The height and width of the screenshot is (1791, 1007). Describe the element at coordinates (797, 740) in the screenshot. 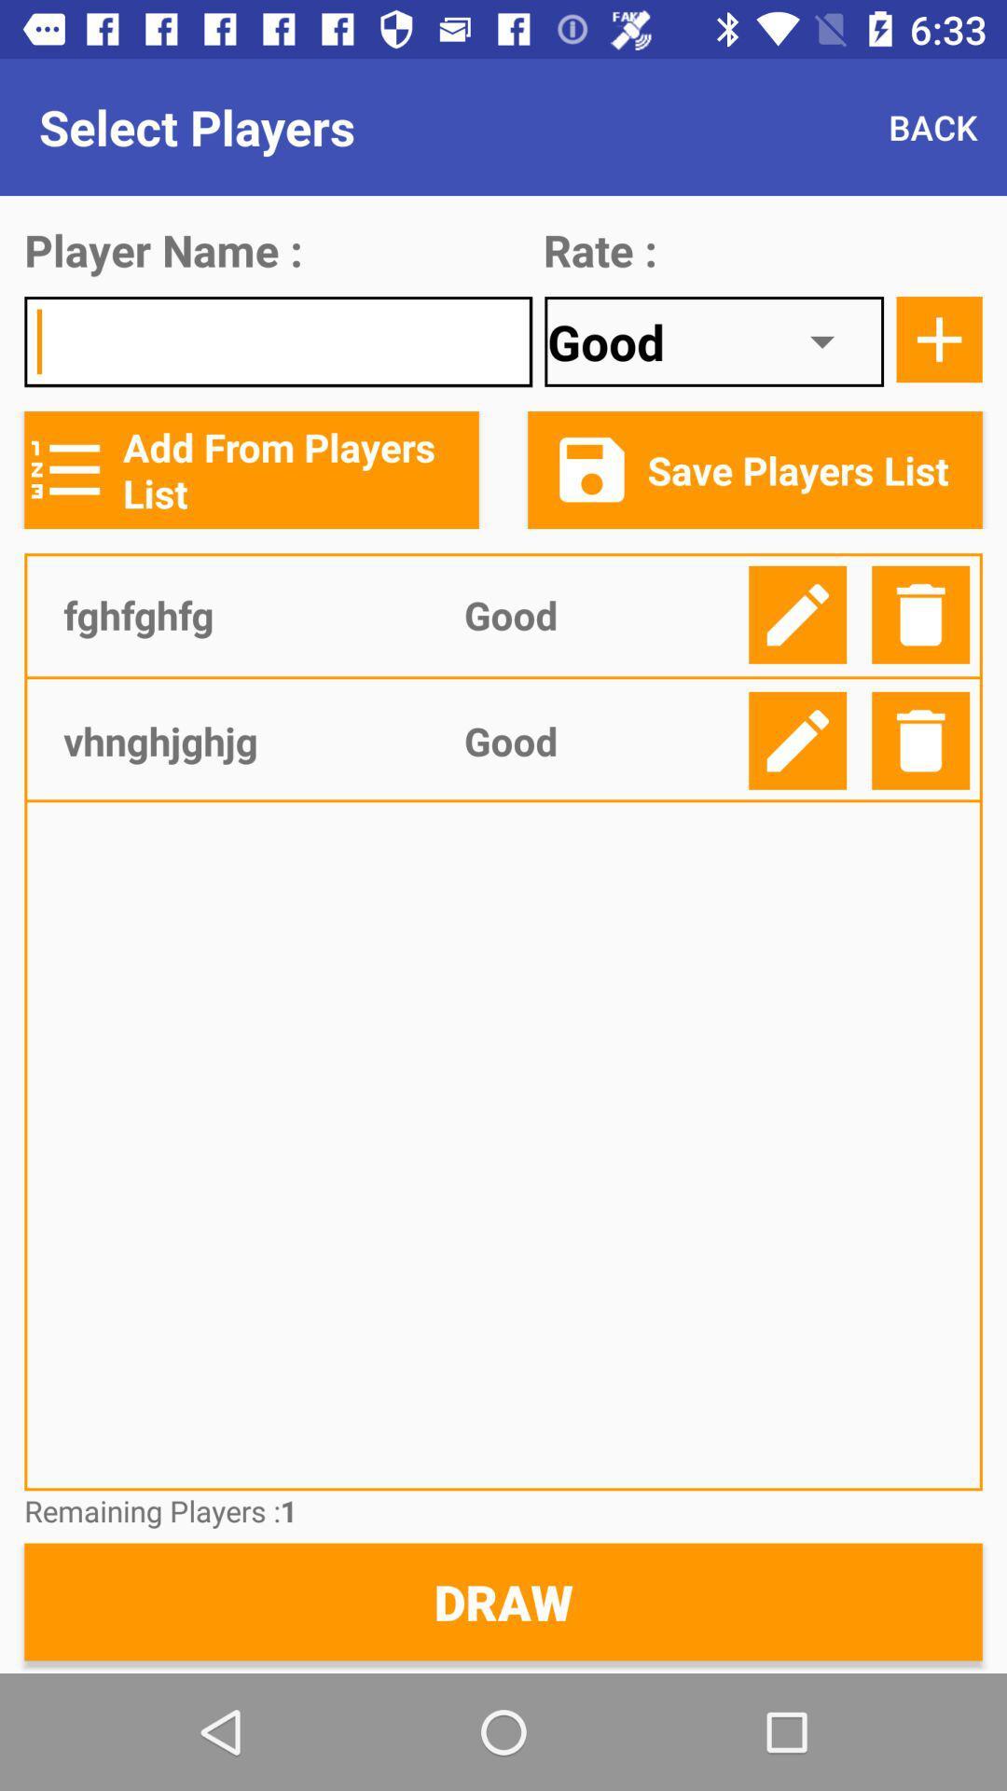

I see `details` at that location.